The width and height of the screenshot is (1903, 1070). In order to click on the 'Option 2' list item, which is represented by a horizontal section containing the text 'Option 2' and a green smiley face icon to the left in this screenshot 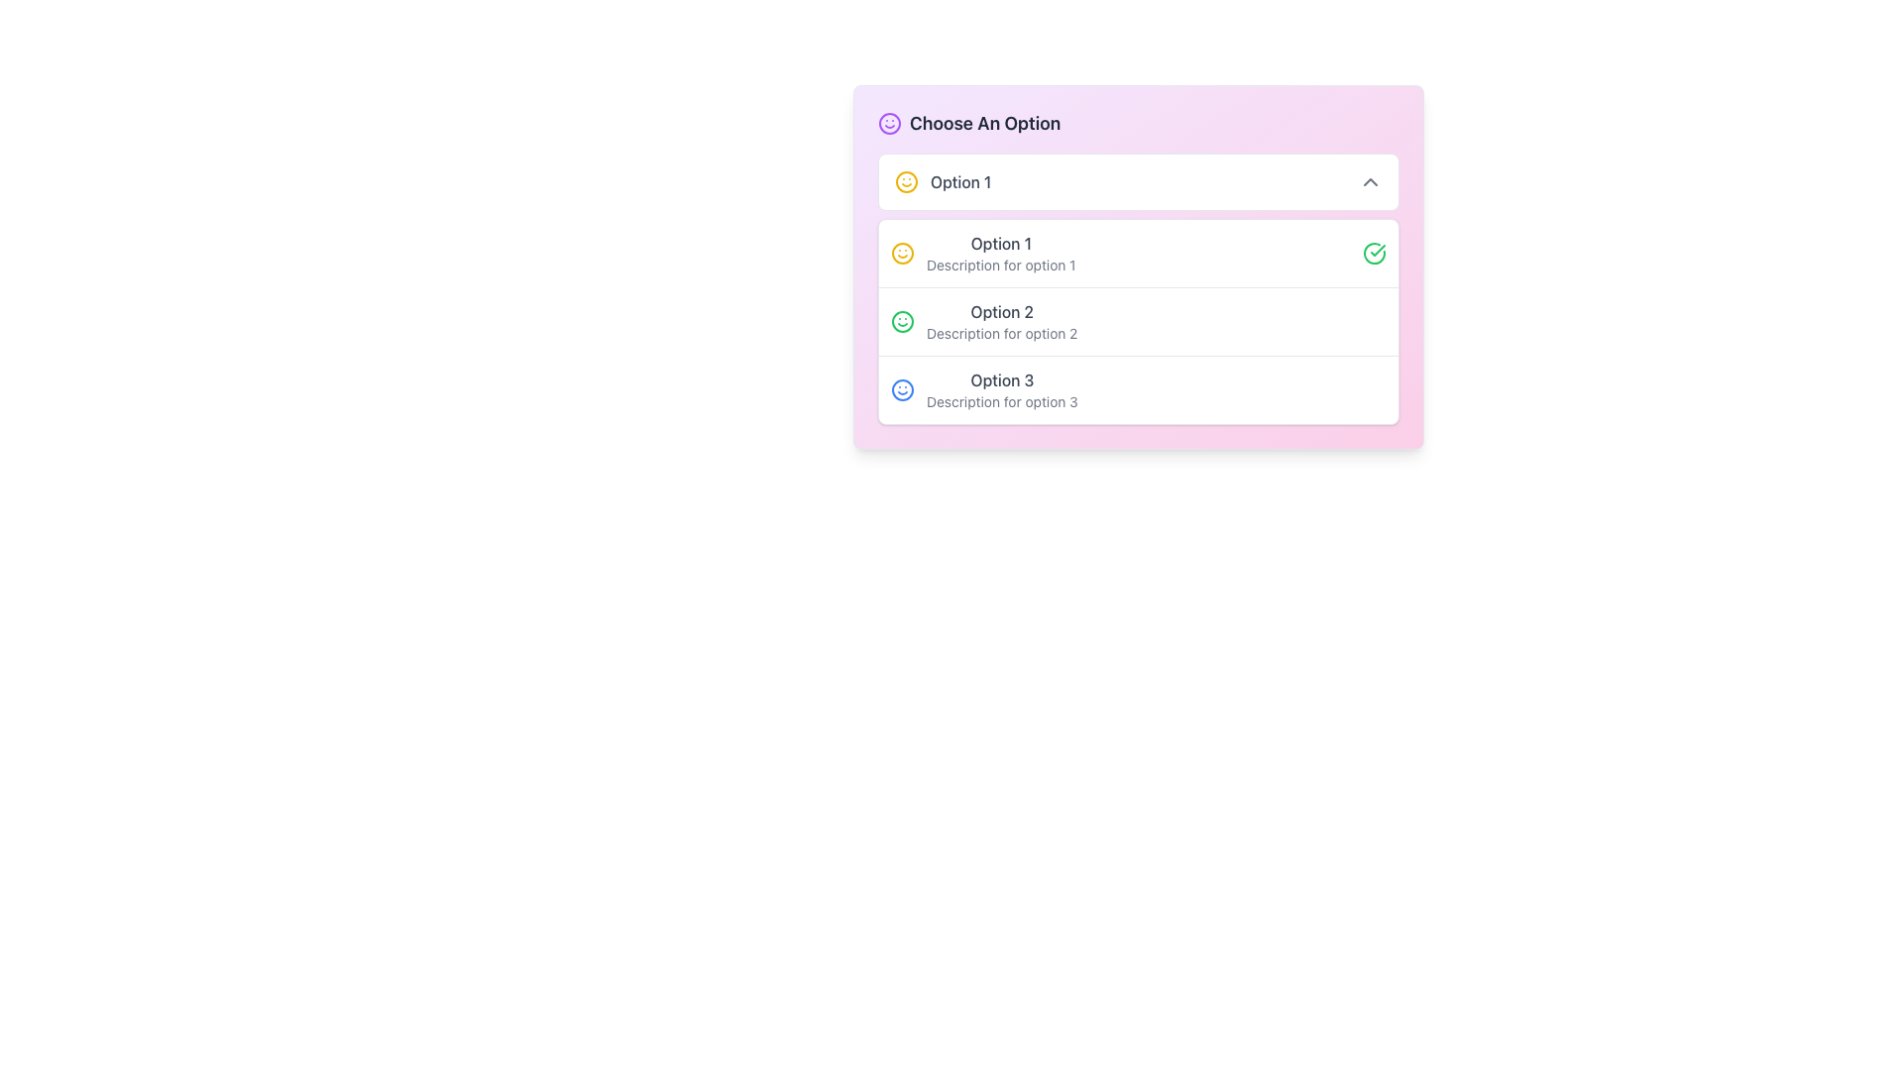, I will do `click(984, 320)`.